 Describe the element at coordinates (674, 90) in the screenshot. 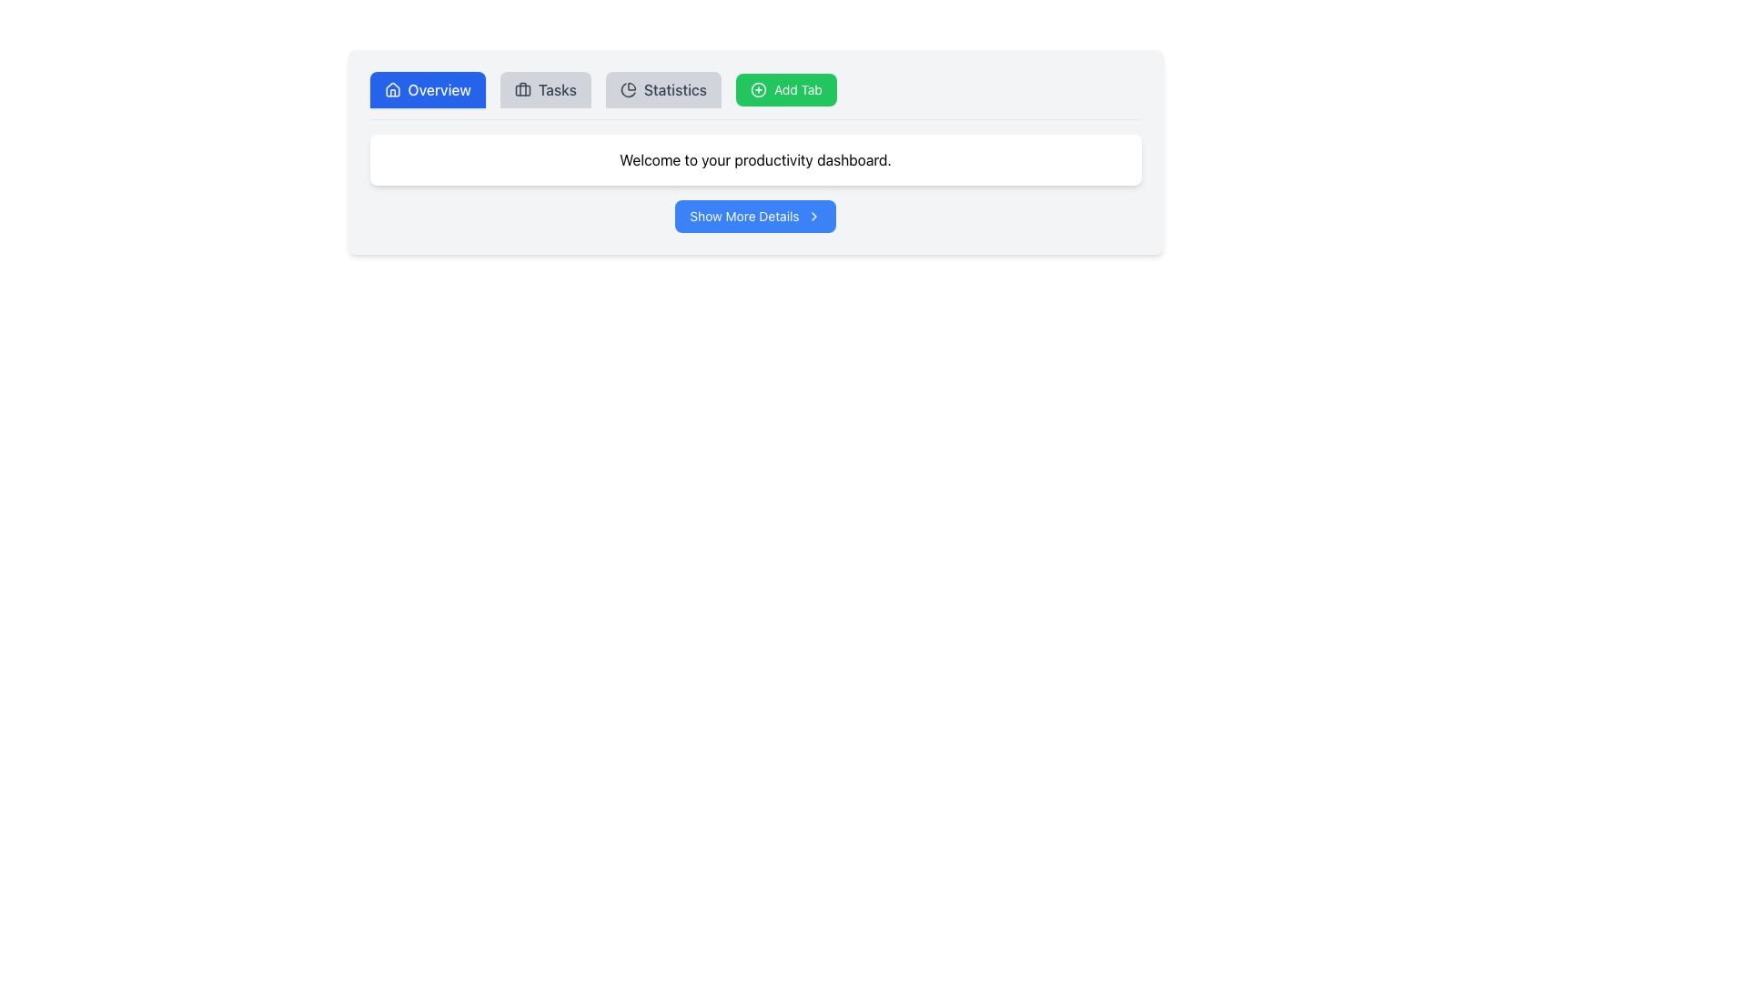

I see `the text label displaying 'Statistics' in the header navigation bar, which is styled to resemble a button and is flanked by 'Tasks' on the left and 'Add Tab' on the right` at that location.